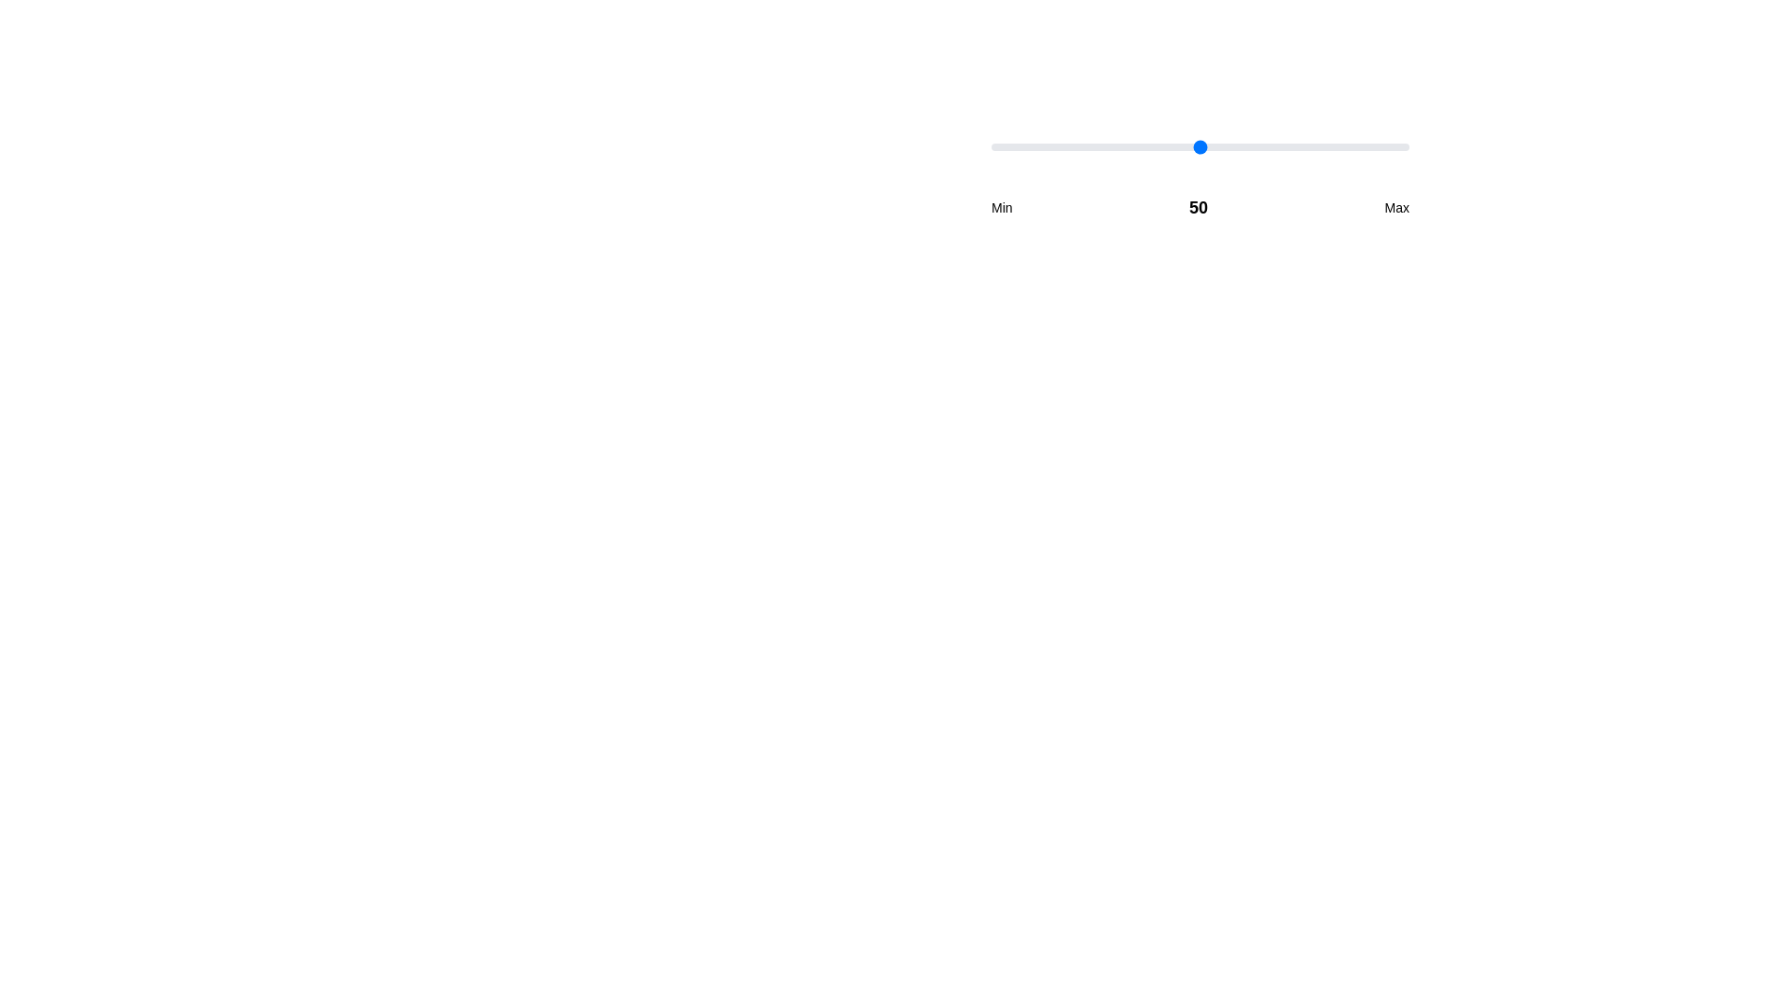 The image size is (1791, 1007). Describe the element at coordinates (1396, 208) in the screenshot. I see `the third text label that indicates the maximum value associated with the slider component, positioned after the 'Min' and '50' labels` at that location.